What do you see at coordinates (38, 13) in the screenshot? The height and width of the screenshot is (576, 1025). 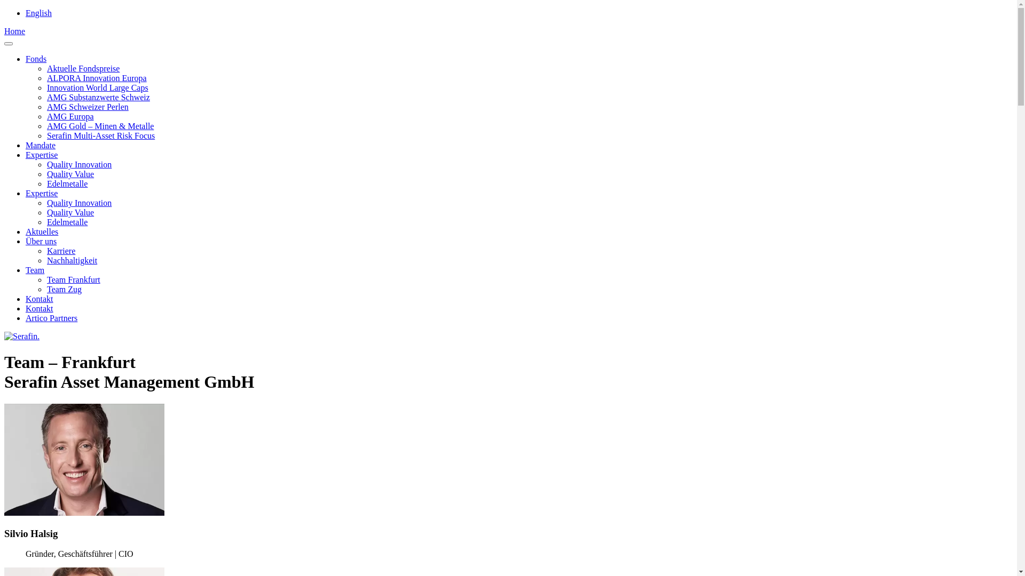 I see `'English'` at bounding box center [38, 13].